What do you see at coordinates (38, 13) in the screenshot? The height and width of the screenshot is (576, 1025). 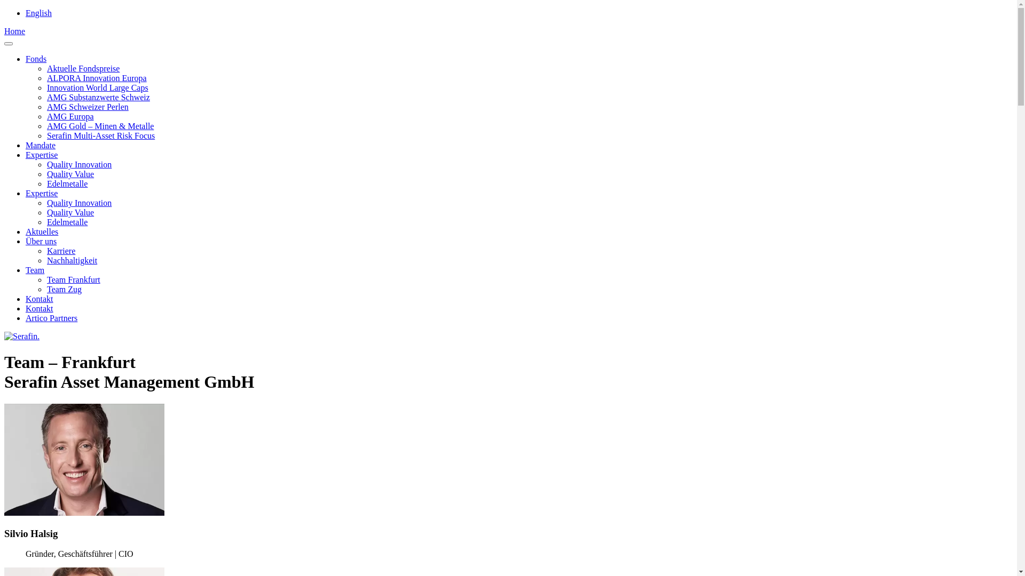 I see `'English'` at bounding box center [38, 13].